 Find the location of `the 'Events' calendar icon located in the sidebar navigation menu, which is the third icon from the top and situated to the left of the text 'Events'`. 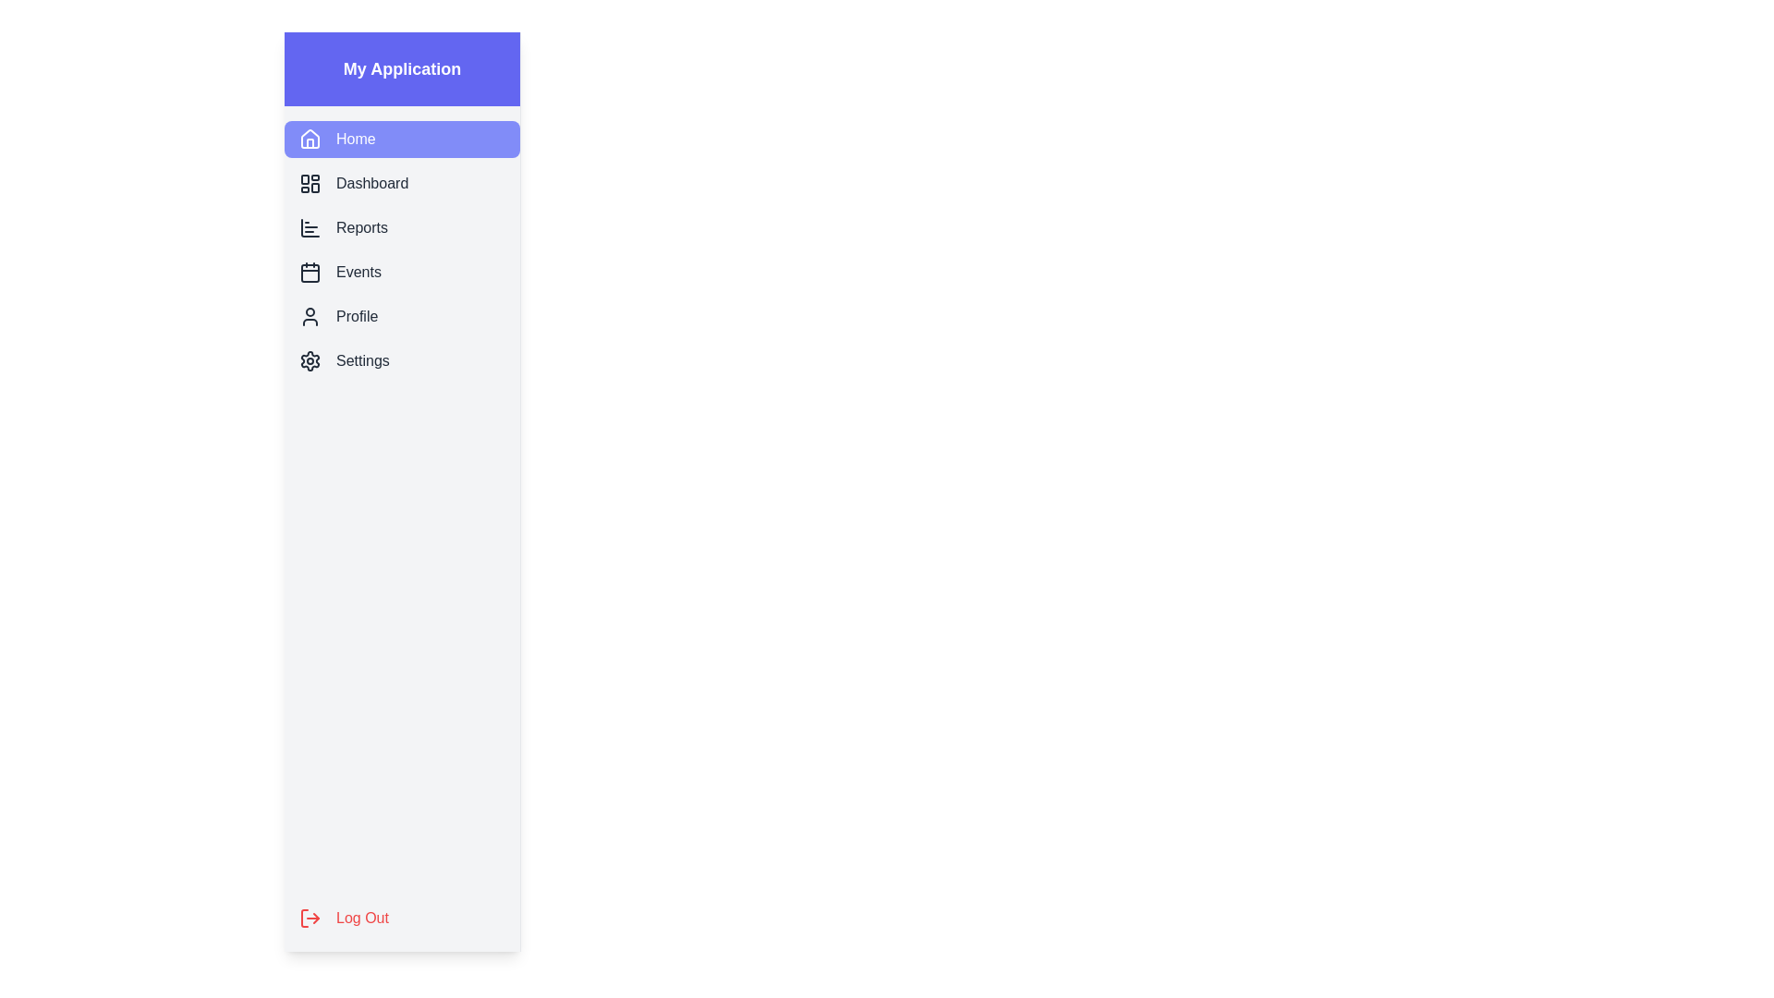

the 'Events' calendar icon located in the sidebar navigation menu, which is the third icon from the top and situated to the left of the text 'Events' is located at coordinates (310, 272).